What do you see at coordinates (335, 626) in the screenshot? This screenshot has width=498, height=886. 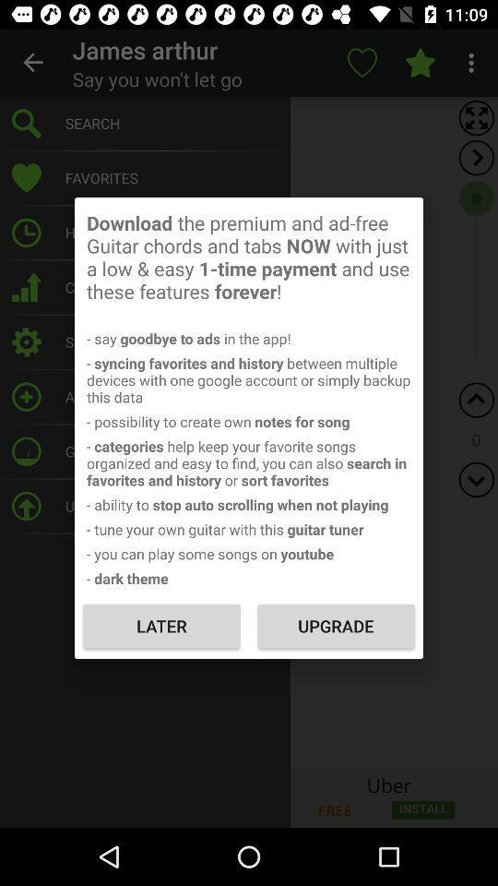 I see `icon to the right of the later item` at bounding box center [335, 626].